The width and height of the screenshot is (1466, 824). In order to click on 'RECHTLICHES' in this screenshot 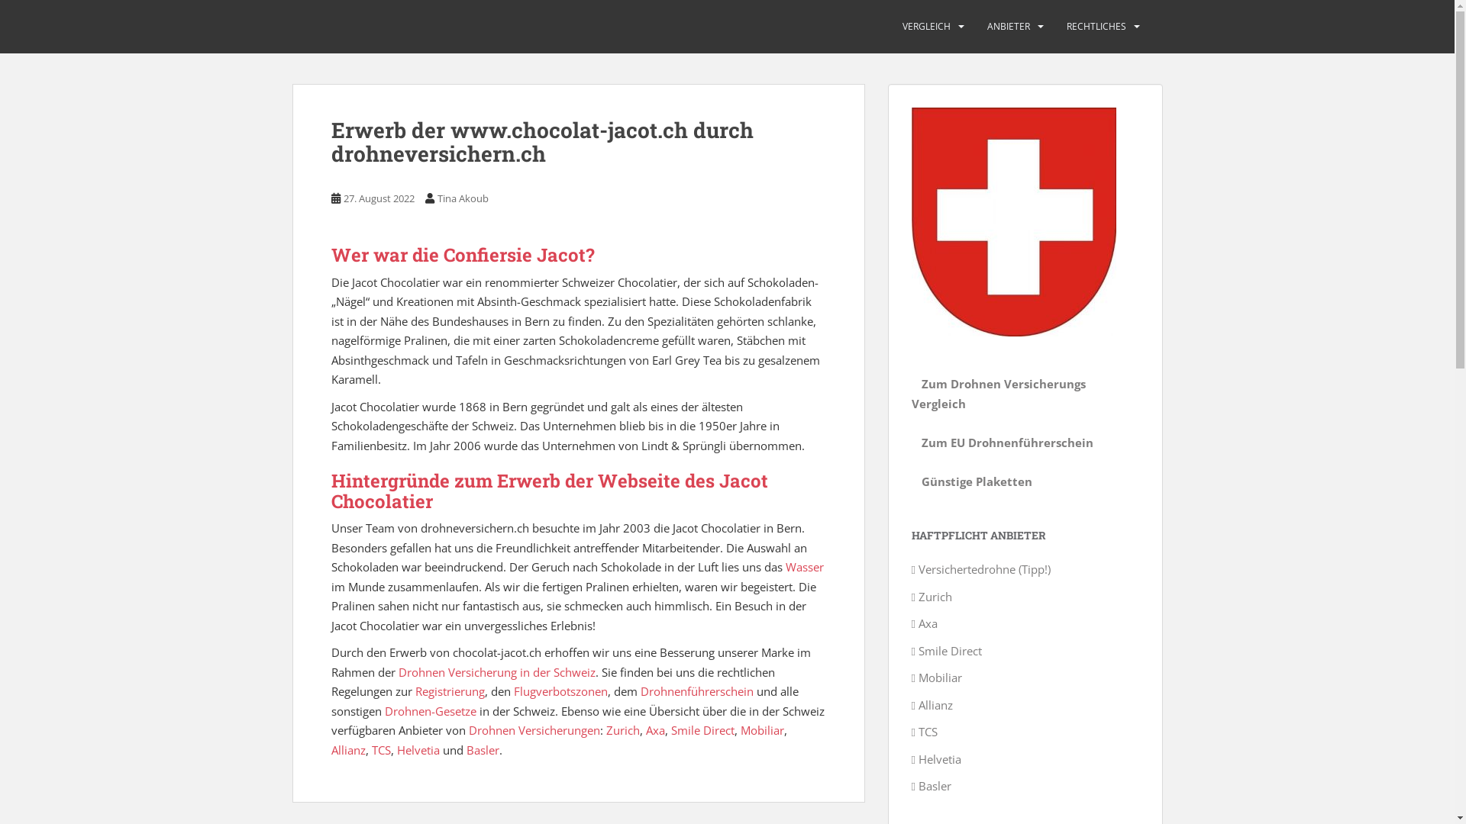, I will do `click(1095, 26)`.